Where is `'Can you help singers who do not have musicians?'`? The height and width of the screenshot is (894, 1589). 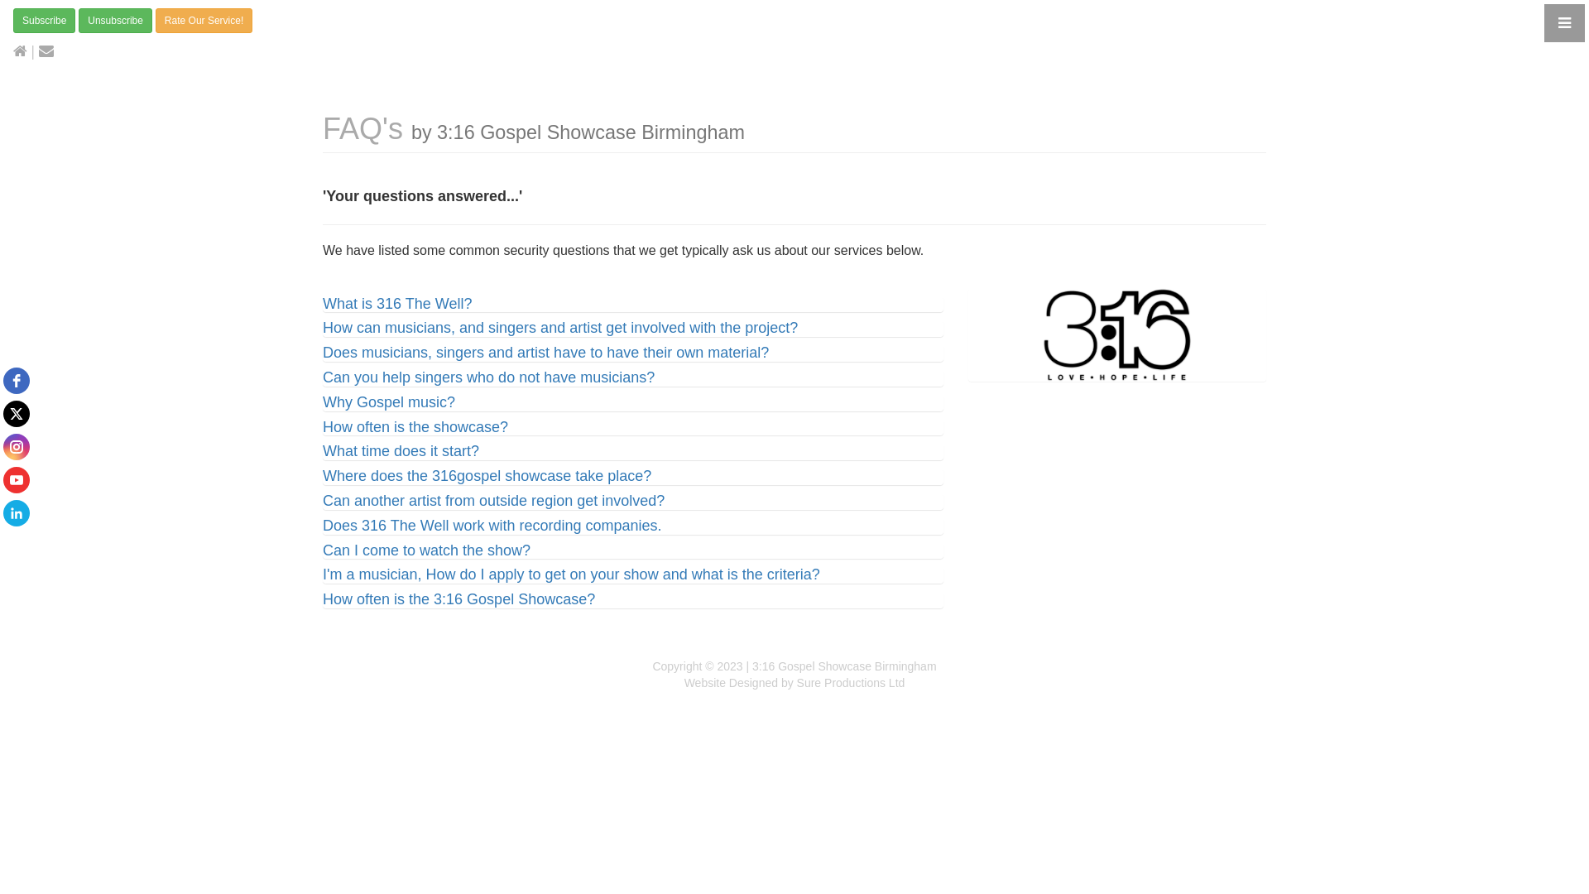 'Can you help singers who do not have musicians?' is located at coordinates (487, 377).